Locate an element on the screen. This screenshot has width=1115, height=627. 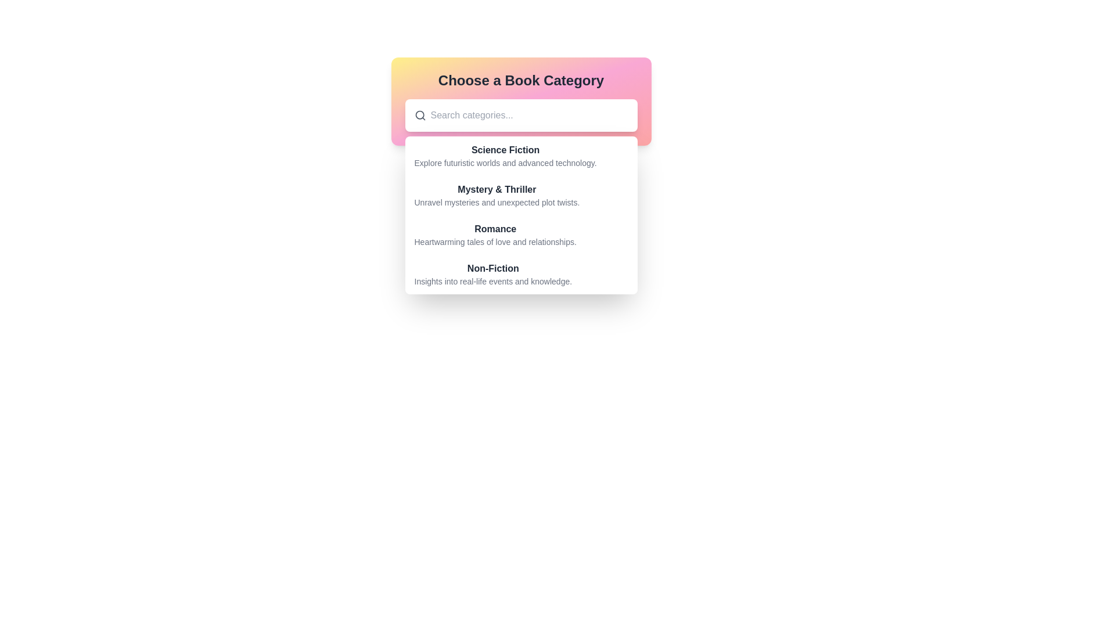
the descriptive text label for the 'Non-Fiction' category in the dropdown menu titled 'Choose a Book Category', which provides insights into its thematic focus is located at coordinates (493, 282).